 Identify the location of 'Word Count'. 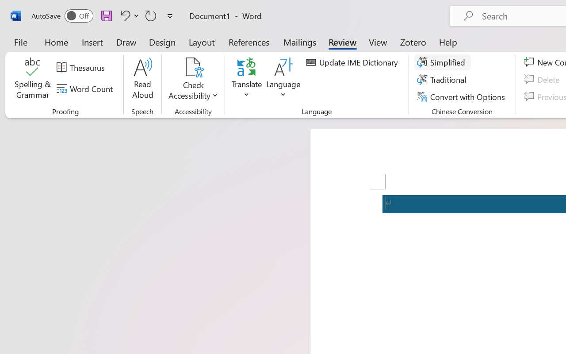
(86, 89).